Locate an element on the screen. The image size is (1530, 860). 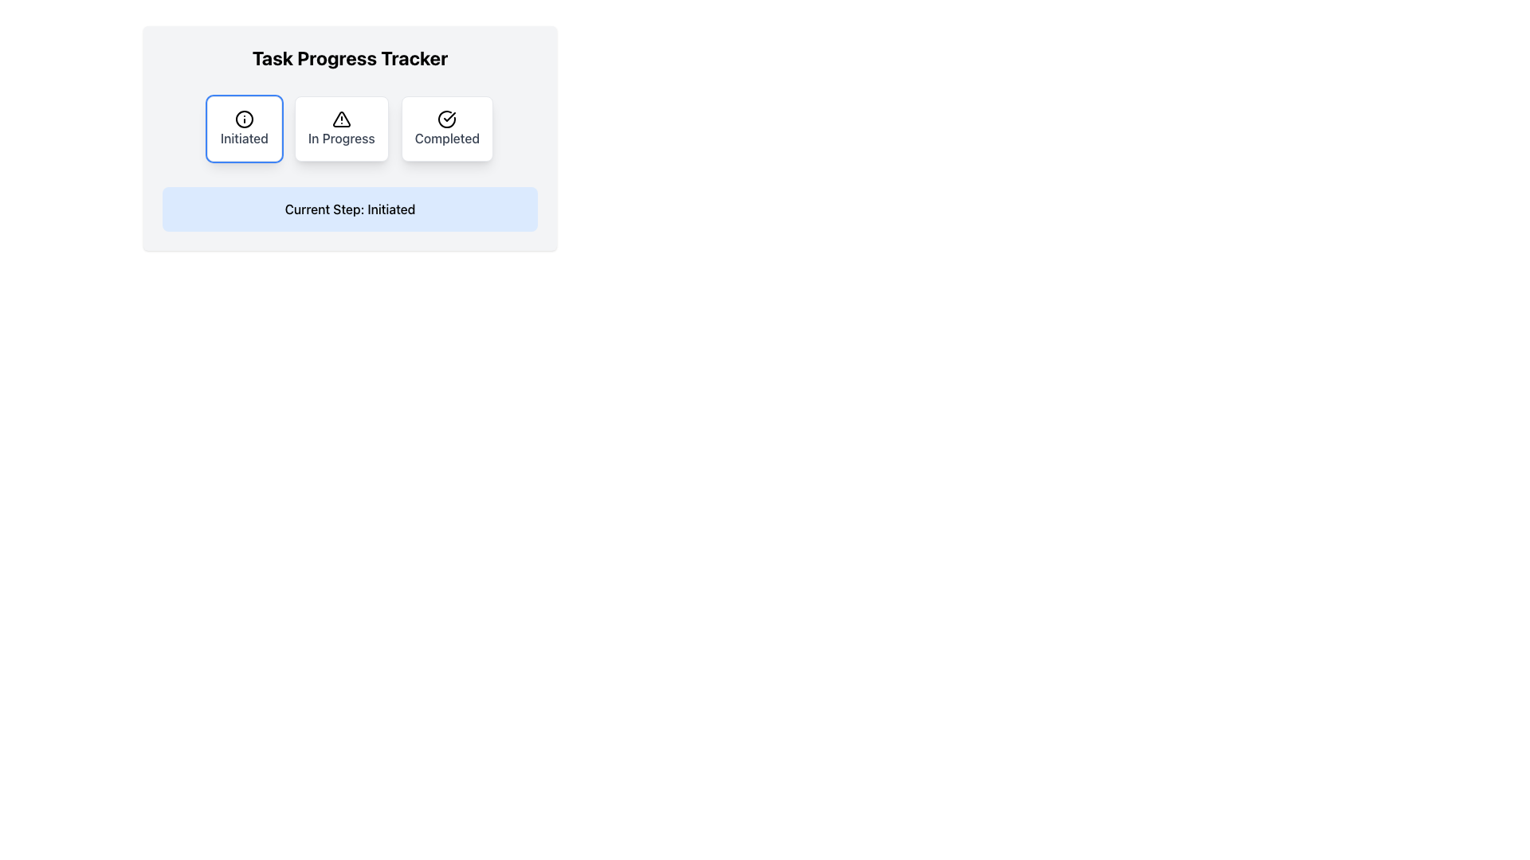
the 'Initiated' step indicator in the task progress tracker, which visually represents the current state of this step is located at coordinates (244, 128).